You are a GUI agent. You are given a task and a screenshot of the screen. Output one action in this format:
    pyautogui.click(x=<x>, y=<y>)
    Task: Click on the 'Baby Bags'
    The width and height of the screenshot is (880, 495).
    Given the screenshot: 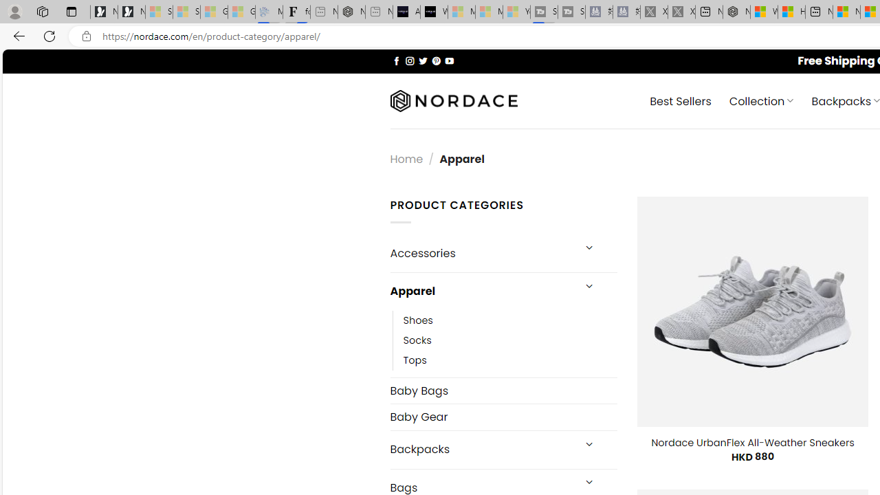 What is the action you would take?
    pyautogui.click(x=503, y=390)
    